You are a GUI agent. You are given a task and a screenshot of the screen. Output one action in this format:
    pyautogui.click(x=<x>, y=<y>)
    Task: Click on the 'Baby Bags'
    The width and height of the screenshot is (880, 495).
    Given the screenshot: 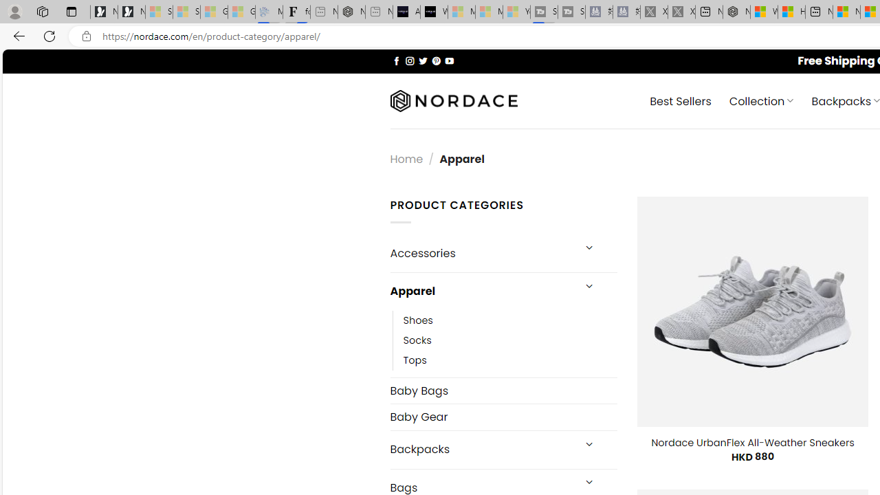 What is the action you would take?
    pyautogui.click(x=503, y=390)
    